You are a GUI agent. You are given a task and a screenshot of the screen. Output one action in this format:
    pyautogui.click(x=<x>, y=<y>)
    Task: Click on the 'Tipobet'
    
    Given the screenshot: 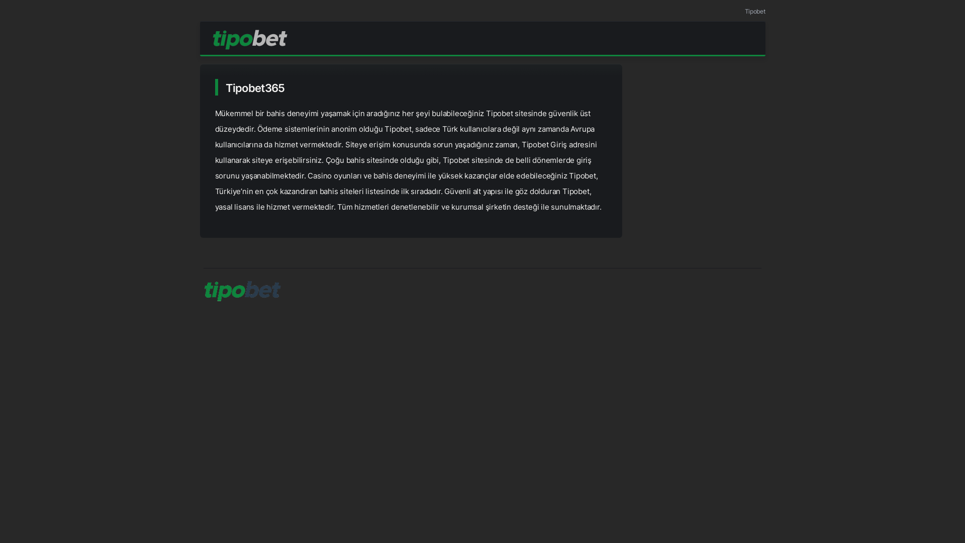 What is the action you would take?
    pyautogui.click(x=745, y=11)
    